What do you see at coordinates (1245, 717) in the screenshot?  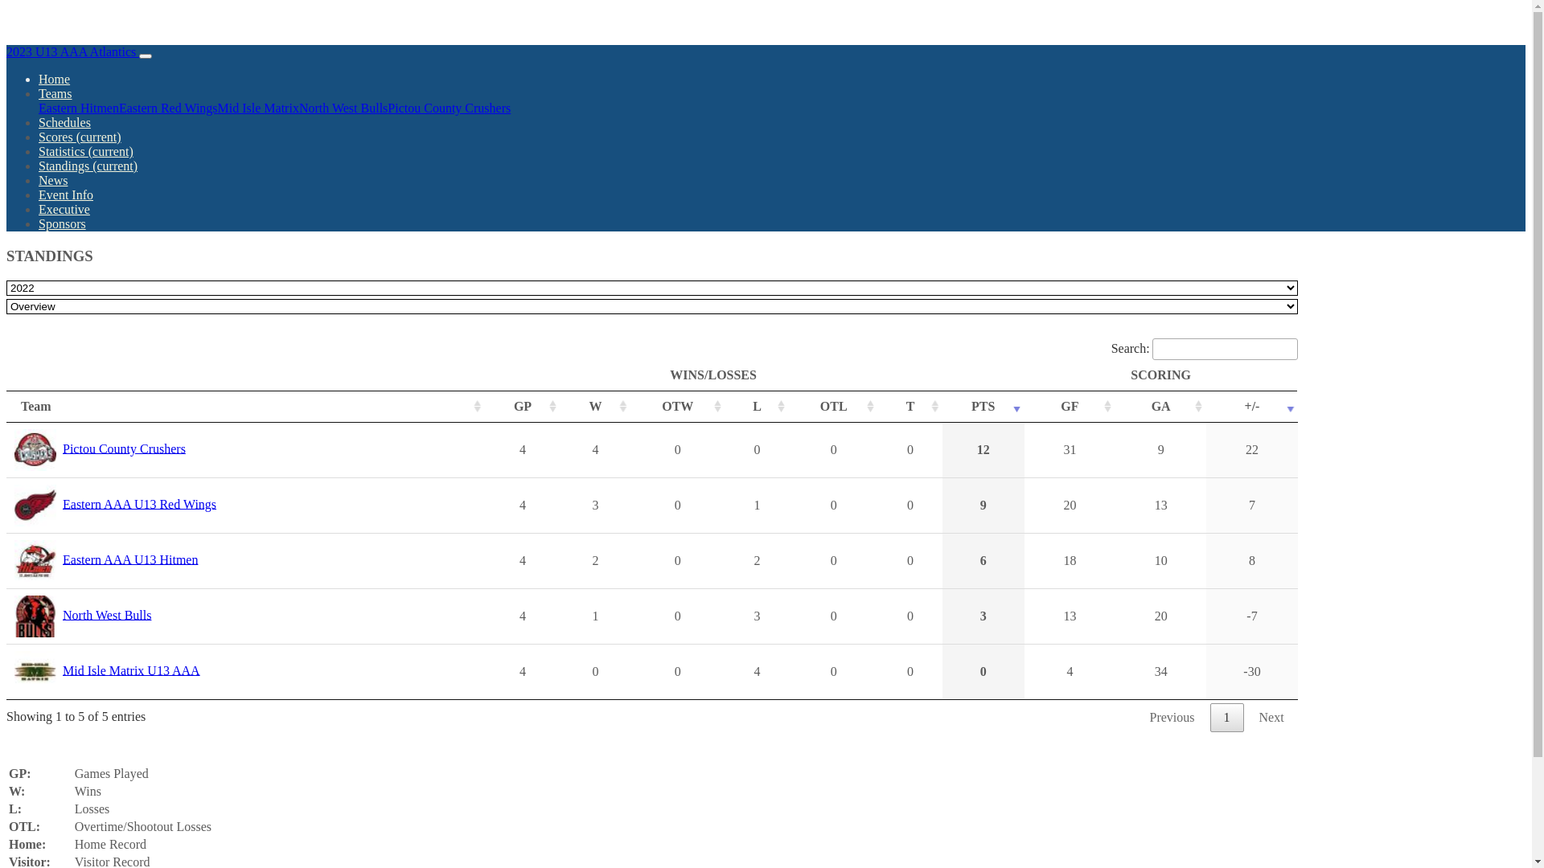 I see `'Next'` at bounding box center [1245, 717].